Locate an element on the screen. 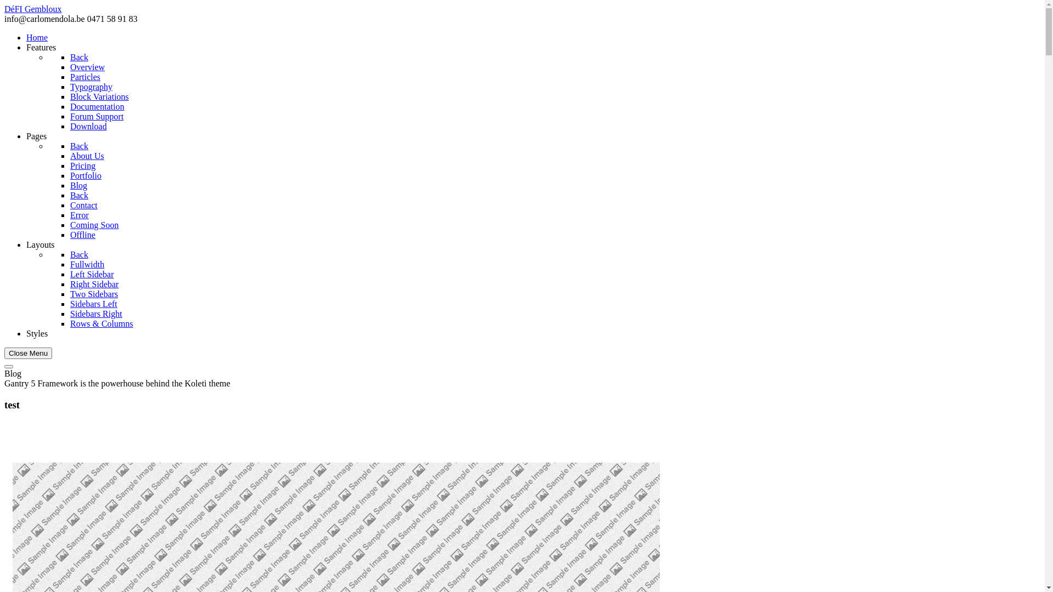  'Fullwidth' is located at coordinates (86, 264).